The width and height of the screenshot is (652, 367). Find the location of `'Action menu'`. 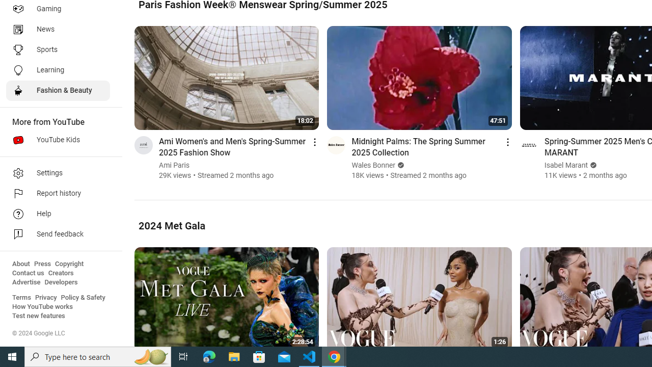

'Action menu' is located at coordinates (507, 142).